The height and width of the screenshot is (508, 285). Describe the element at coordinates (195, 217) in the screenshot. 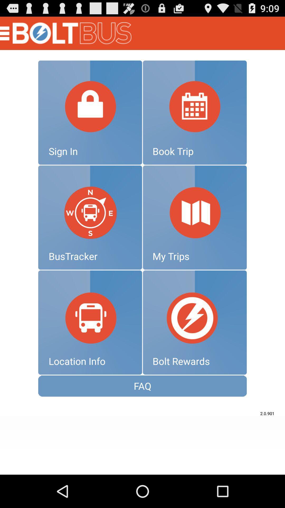

I see `my trips section` at that location.